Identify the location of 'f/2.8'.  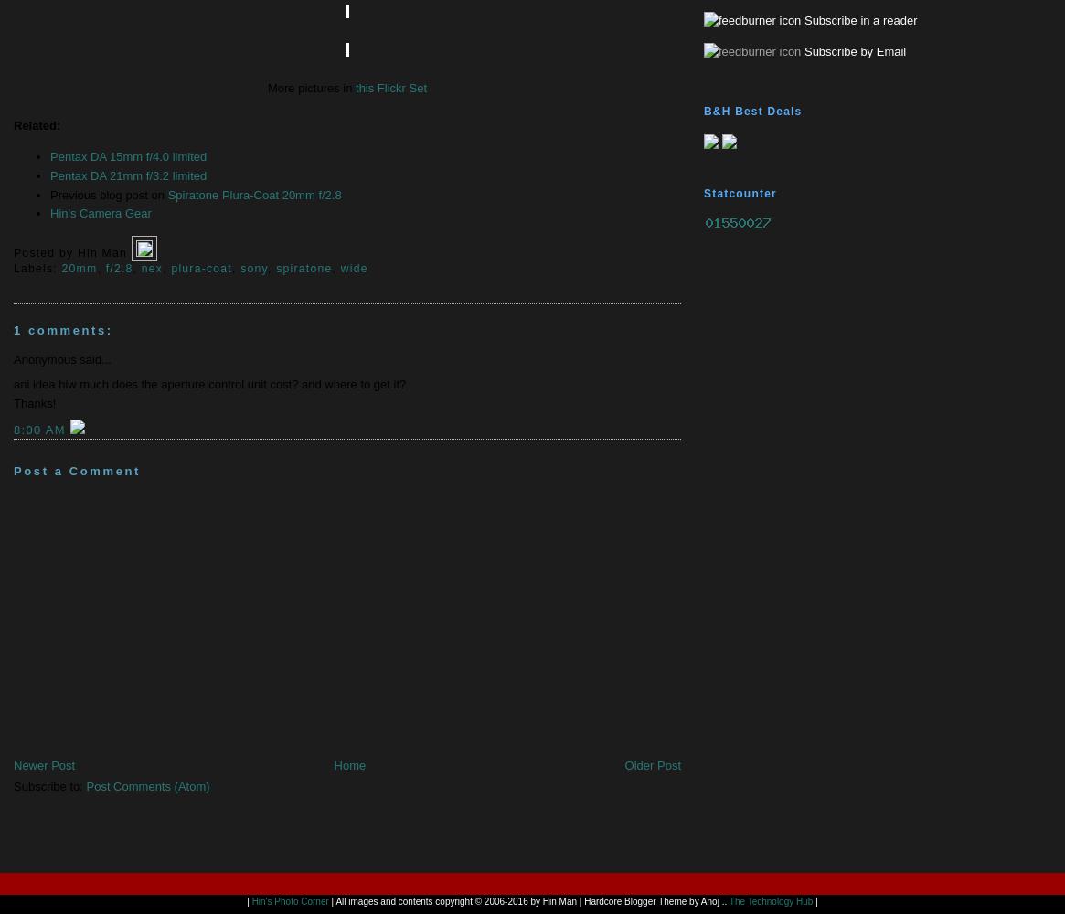
(119, 269).